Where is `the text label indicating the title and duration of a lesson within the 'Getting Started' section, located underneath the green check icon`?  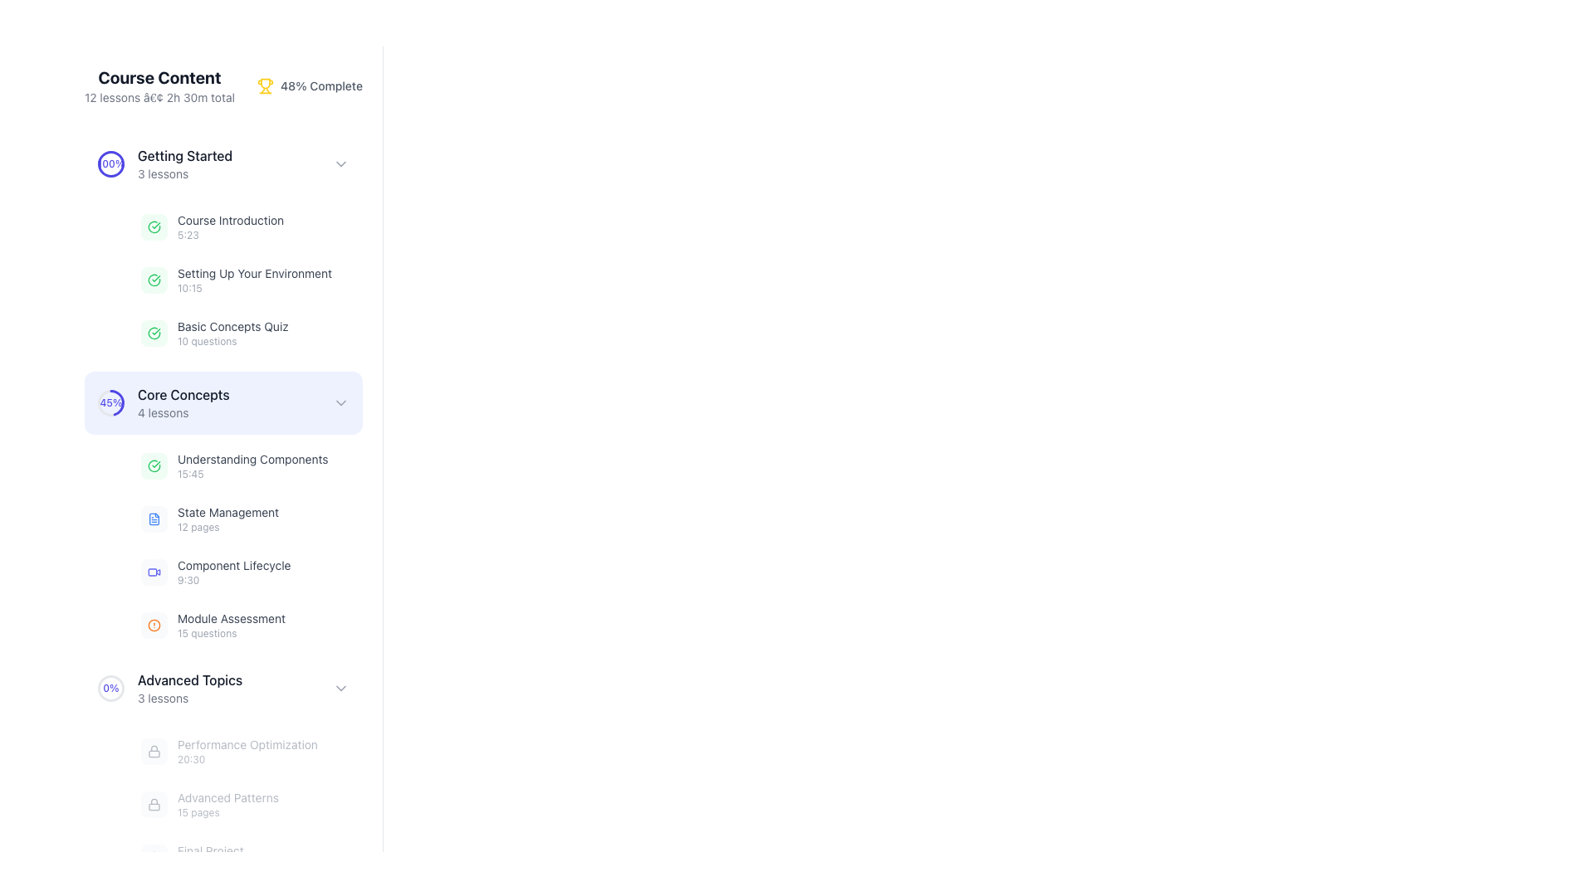
the text label indicating the title and duration of a lesson within the 'Getting Started' section, located underneath the green check icon is located at coordinates (230, 226).